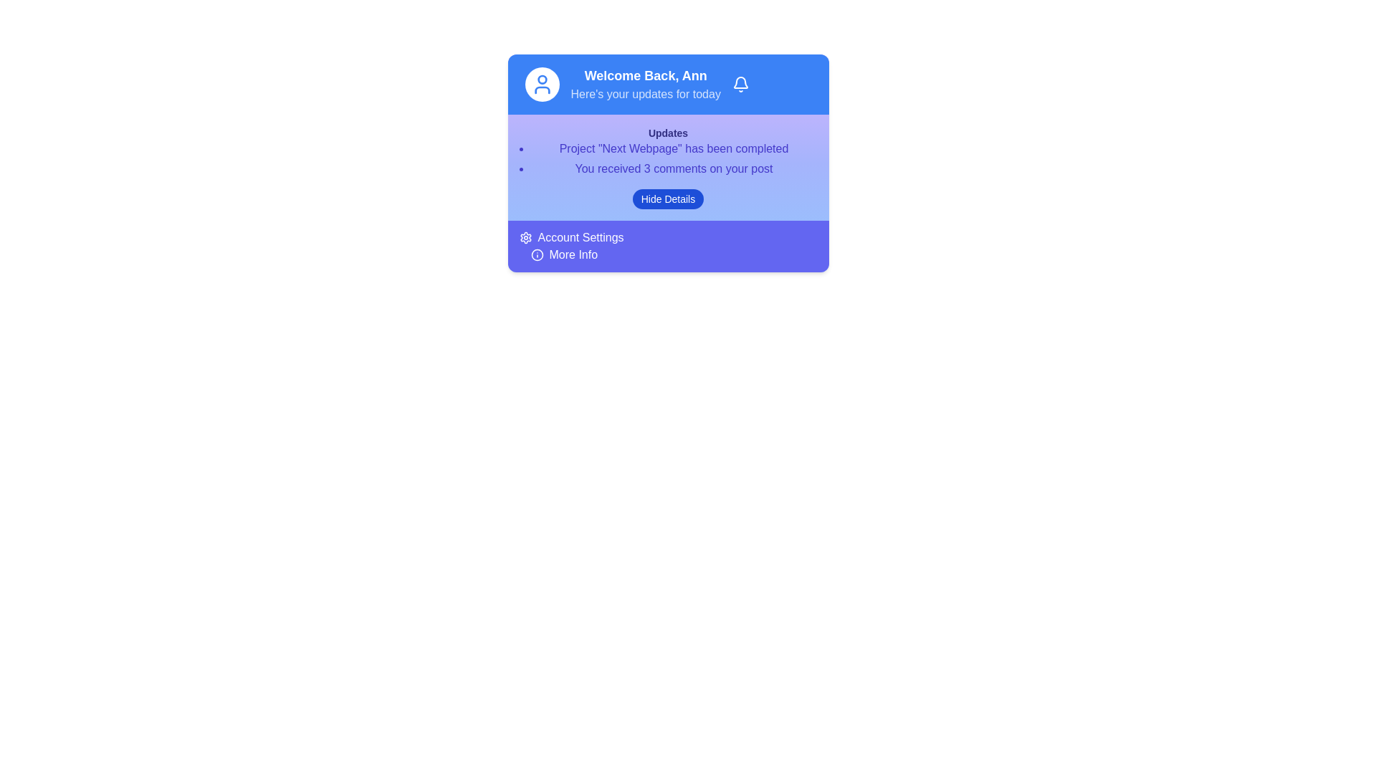  Describe the element at coordinates (673, 149) in the screenshot. I see `notification text from the Text block that provides an update about the completion of the 'Next Webpage' project, which is positioned below the 'Updates' heading` at that location.